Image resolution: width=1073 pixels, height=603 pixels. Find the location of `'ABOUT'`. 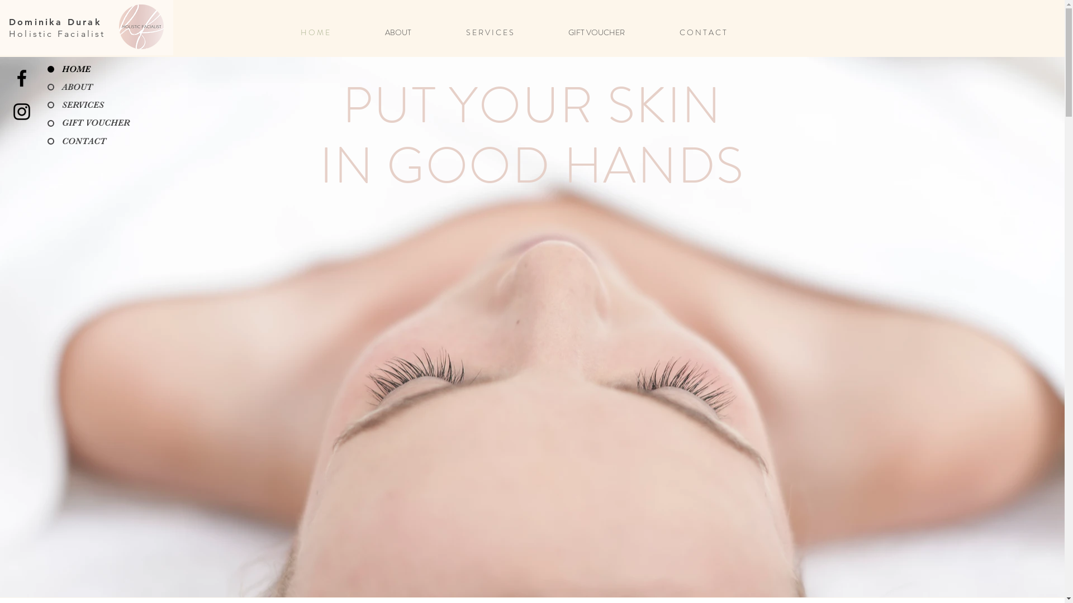

'ABOUT' is located at coordinates (416, 32).